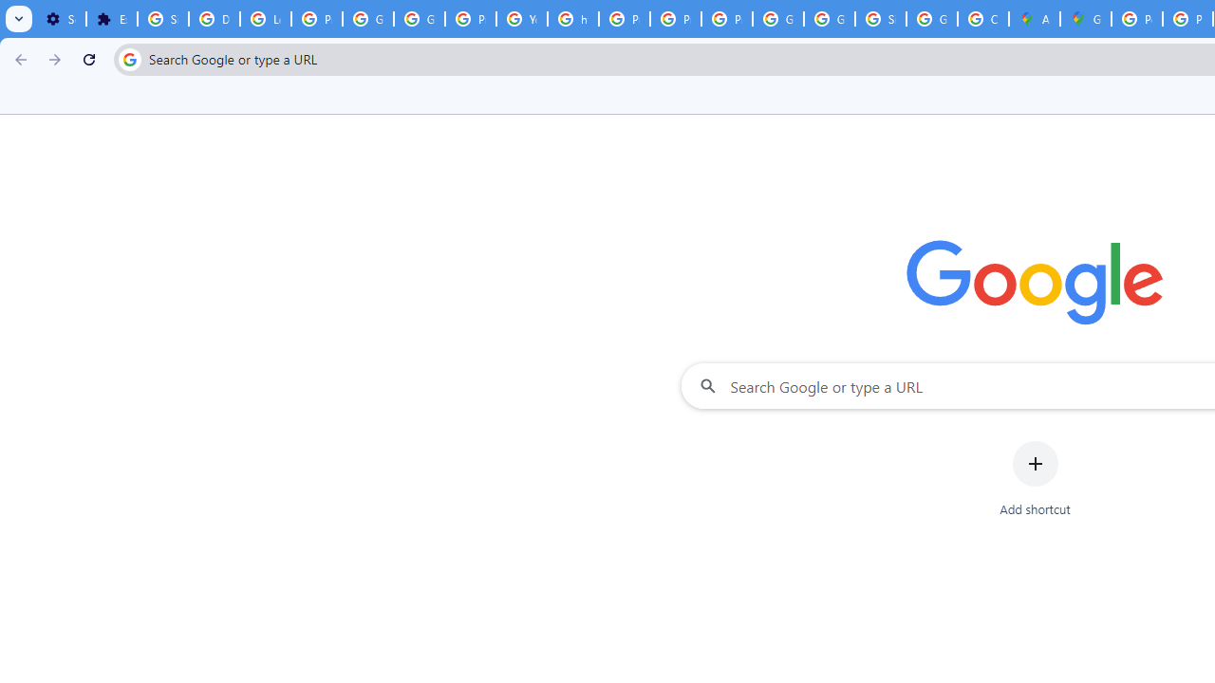 This screenshot has height=683, width=1215. Describe the element at coordinates (624, 19) in the screenshot. I see `'Privacy Help Center - Policies Help'` at that location.